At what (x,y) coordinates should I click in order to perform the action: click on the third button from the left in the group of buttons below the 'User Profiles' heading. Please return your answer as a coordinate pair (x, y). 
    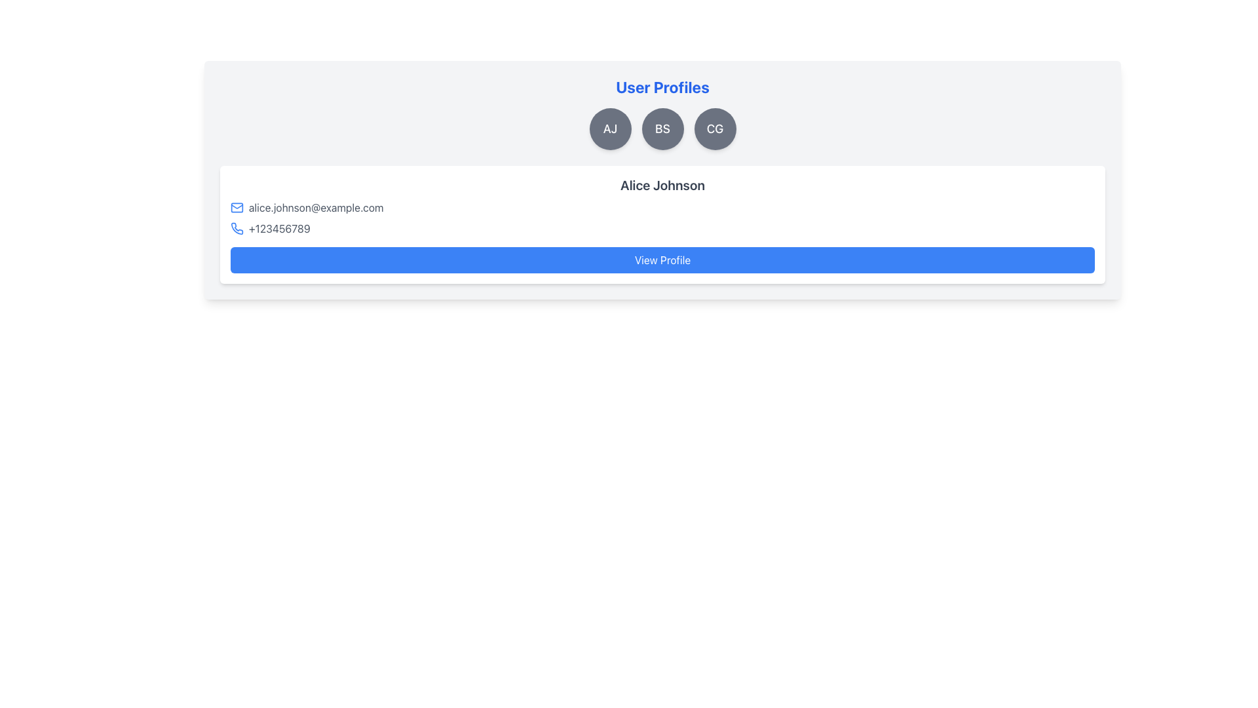
    Looking at the image, I should click on (714, 128).